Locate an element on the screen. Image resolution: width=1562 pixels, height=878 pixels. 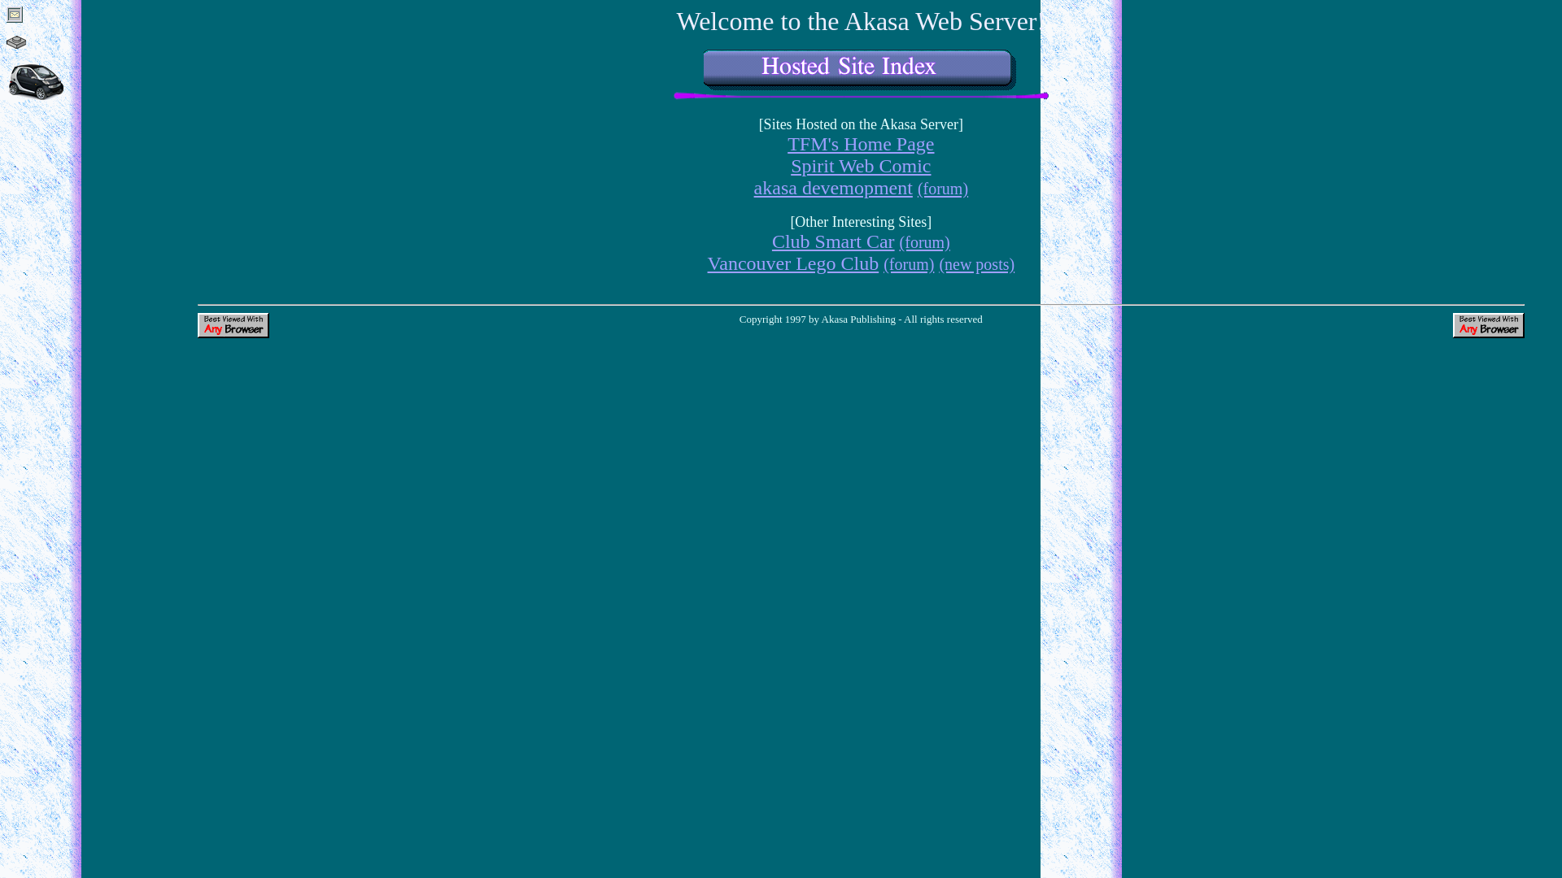
'(forum)' is located at coordinates (942, 187).